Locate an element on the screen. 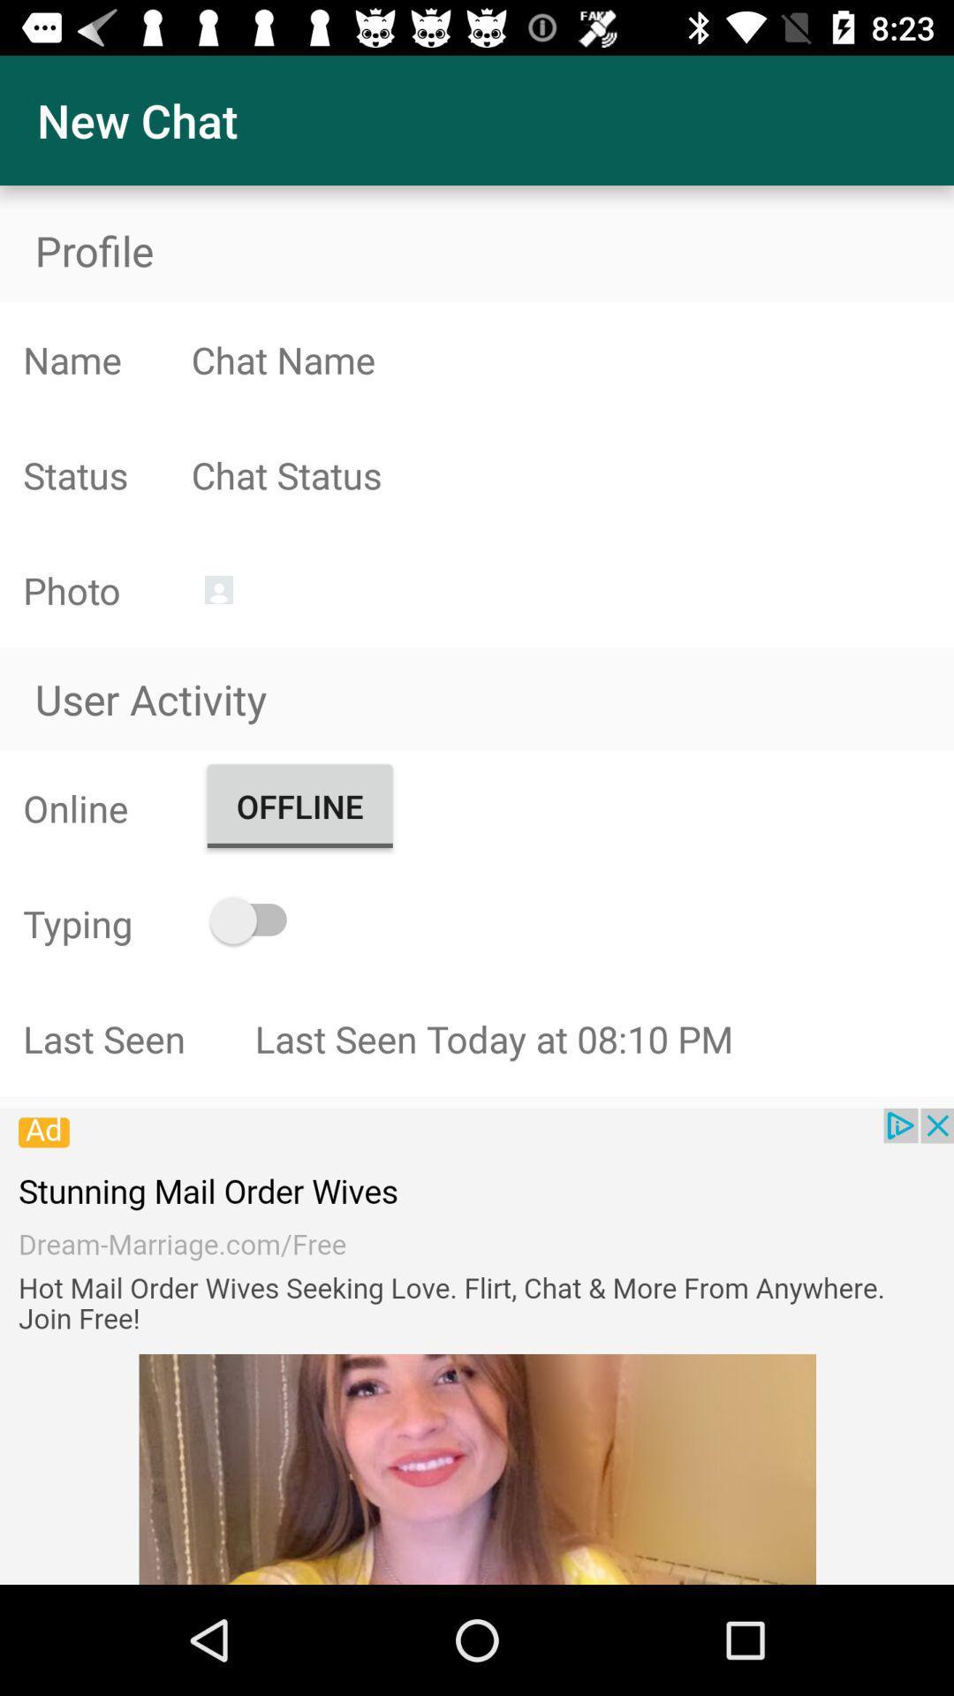 The height and width of the screenshot is (1696, 954). share the article is located at coordinates (477, 1345).